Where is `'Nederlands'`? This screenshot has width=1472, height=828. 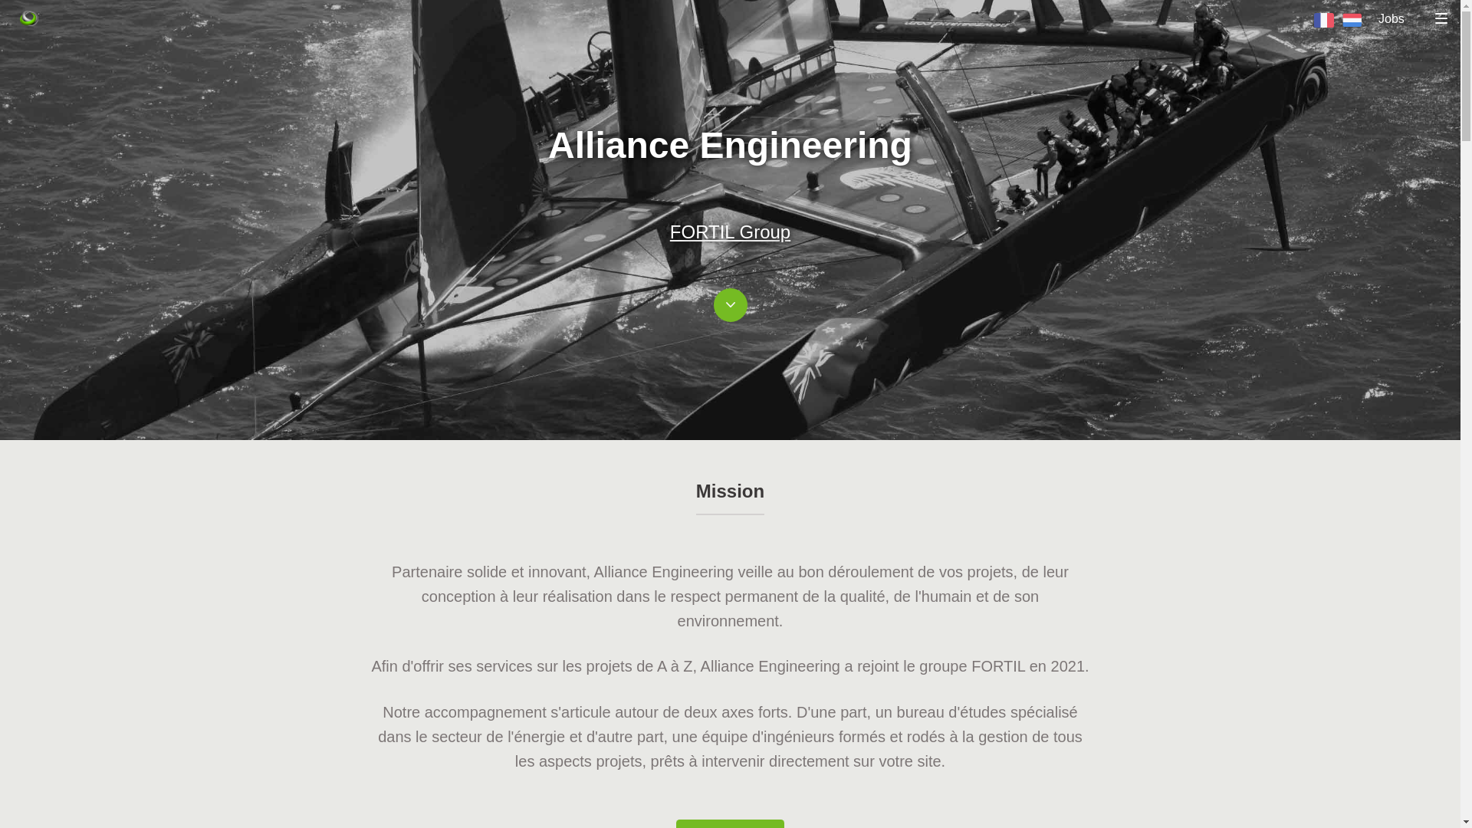 'Nederlands' is located at coordinates (1342, 20).